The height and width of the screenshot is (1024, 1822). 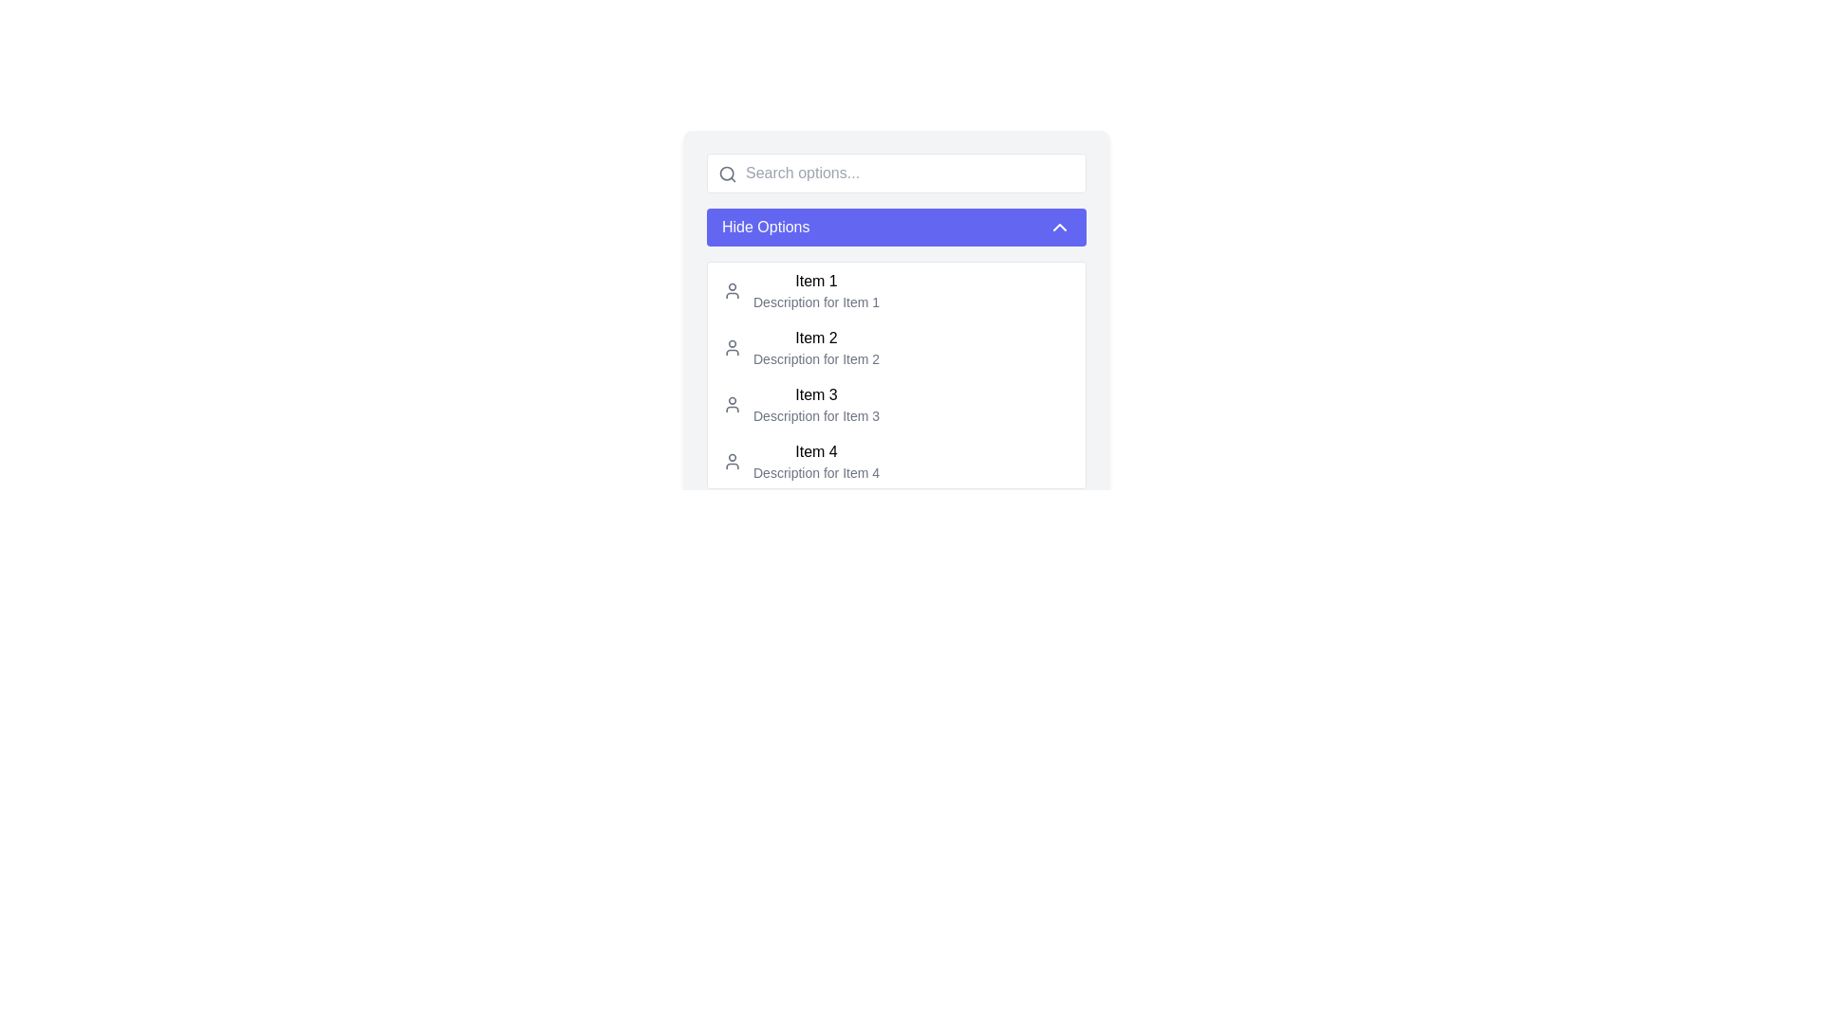 What do you see at coordinates (816, 452) in the screenshot?
I see `the text label displaying 'Item 4', which is the fourth item in a dropdown menu list` at bounding box center [816, 452].